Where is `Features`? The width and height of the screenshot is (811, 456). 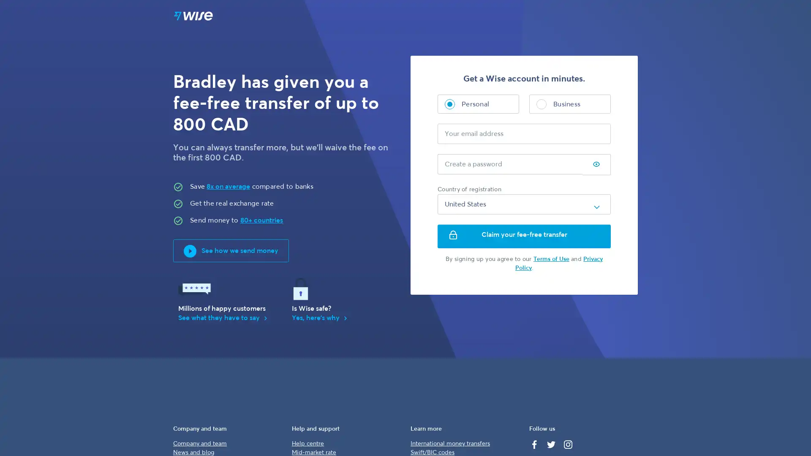
Features is located at coordinates (466, 16).